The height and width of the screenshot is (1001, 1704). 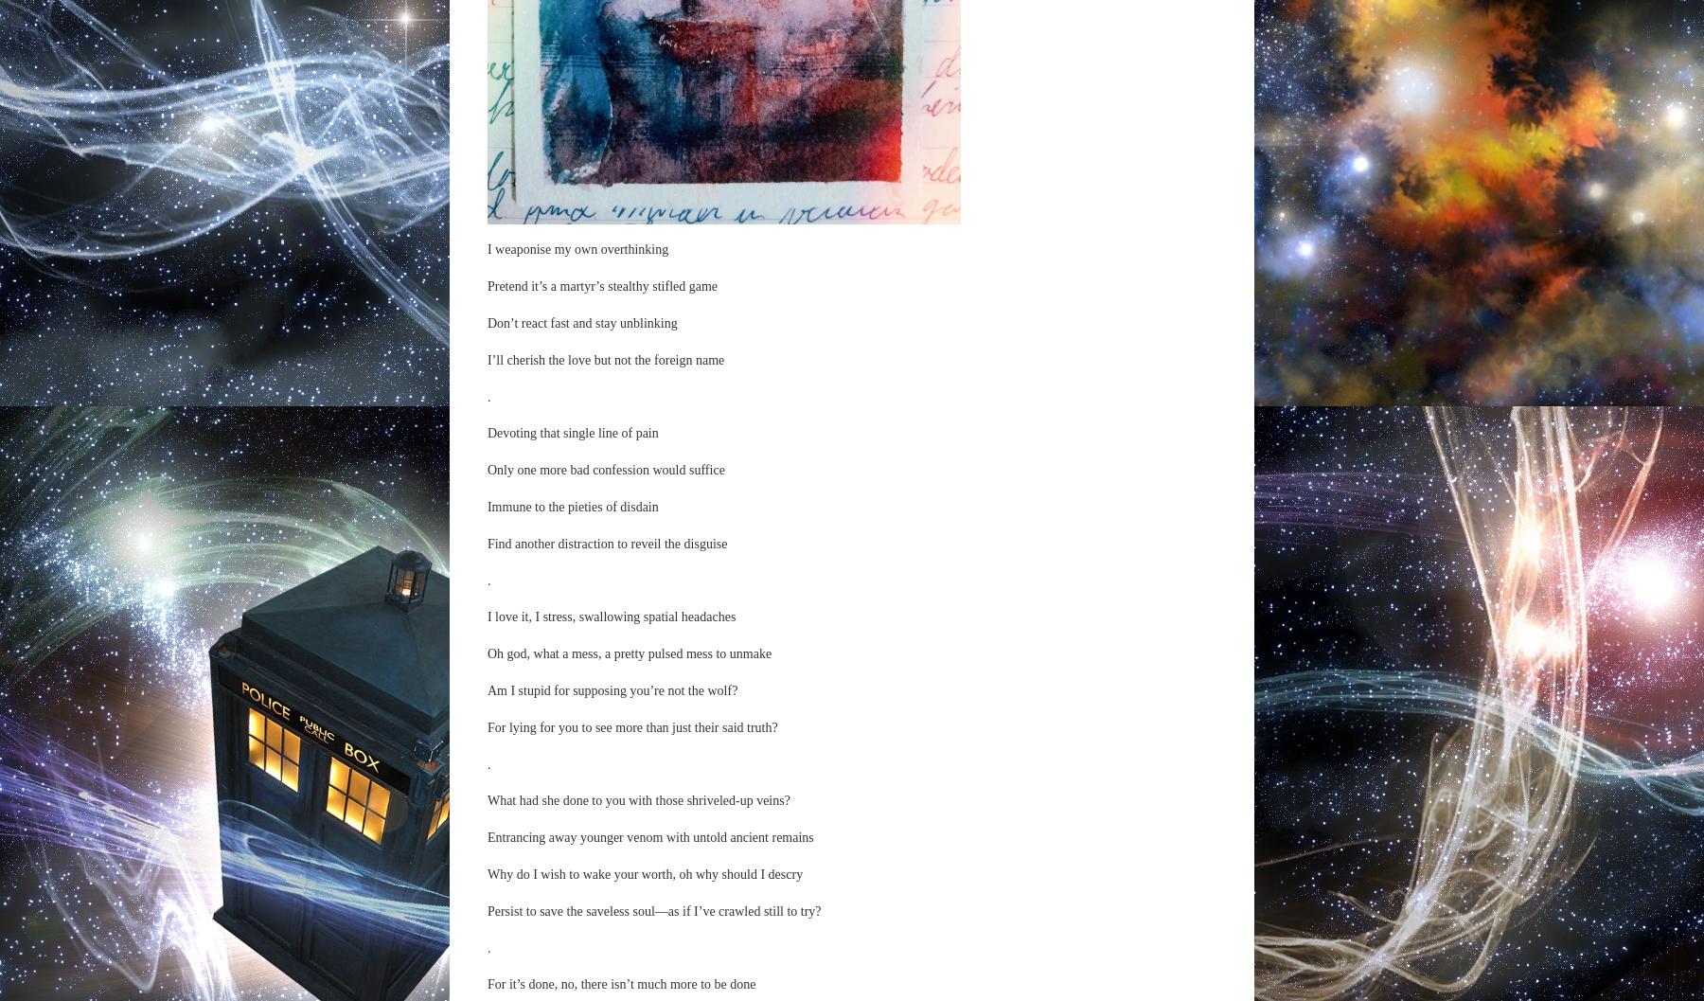 What do you see at coordinates (643, 874) in the screenshot?
I see `'Why do I wish to wake your worth, oh why should I descry'` at bounding box center [643, 874].